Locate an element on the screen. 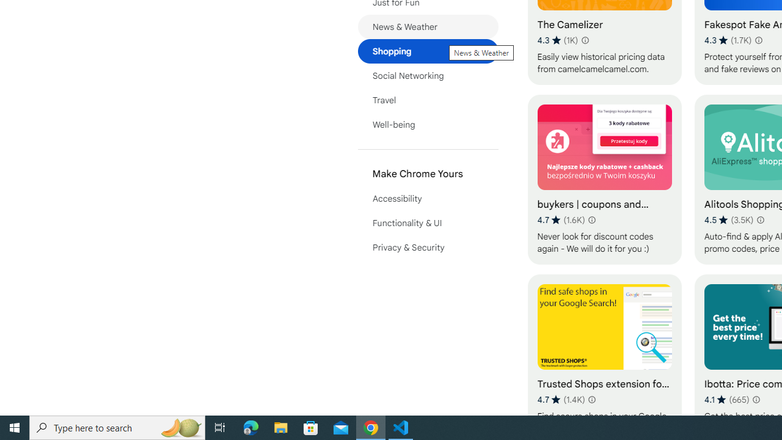 The image size is (782, 440). 'Functionality & UI' is located at coordinates (428, 223).